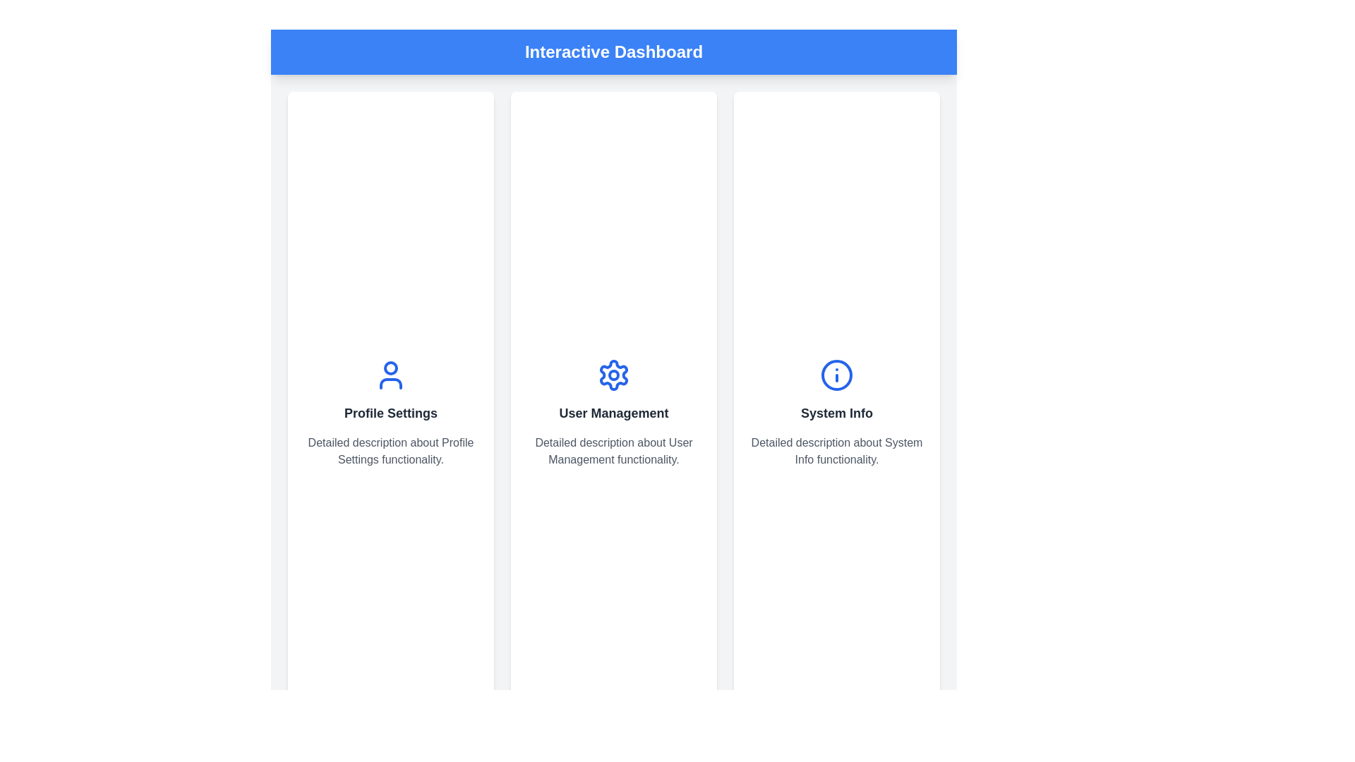  Describe the element at coordinates (390, 452) in the screenshot. I see `the explanatory text block located below the 'Profile Settings' title and user profile icon in the Profile Settings section` at that location.